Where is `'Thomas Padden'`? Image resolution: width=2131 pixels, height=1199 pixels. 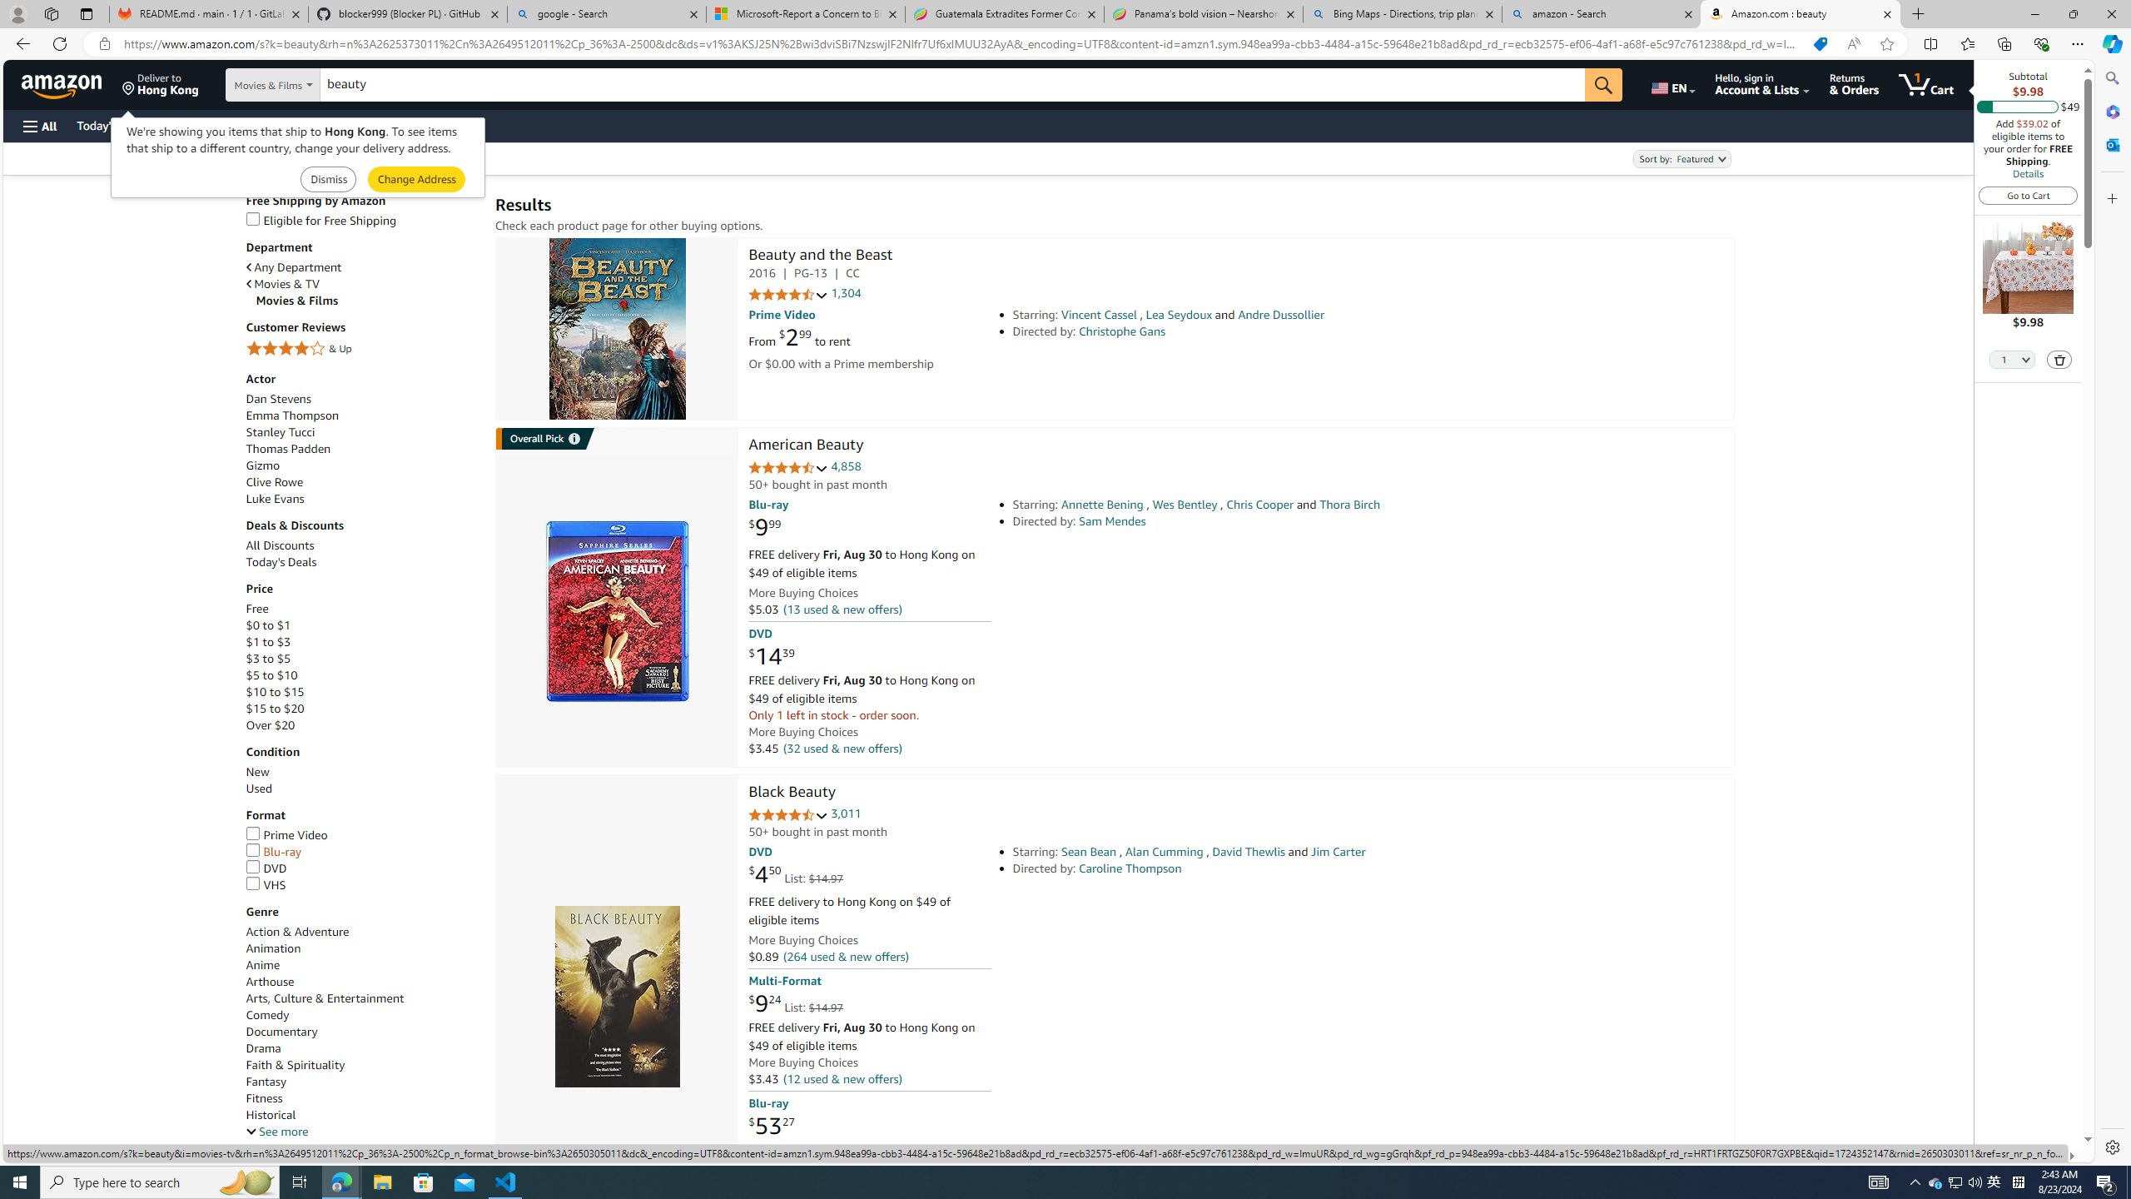 'Thomas Padden' is located at coordinates (362, 450).